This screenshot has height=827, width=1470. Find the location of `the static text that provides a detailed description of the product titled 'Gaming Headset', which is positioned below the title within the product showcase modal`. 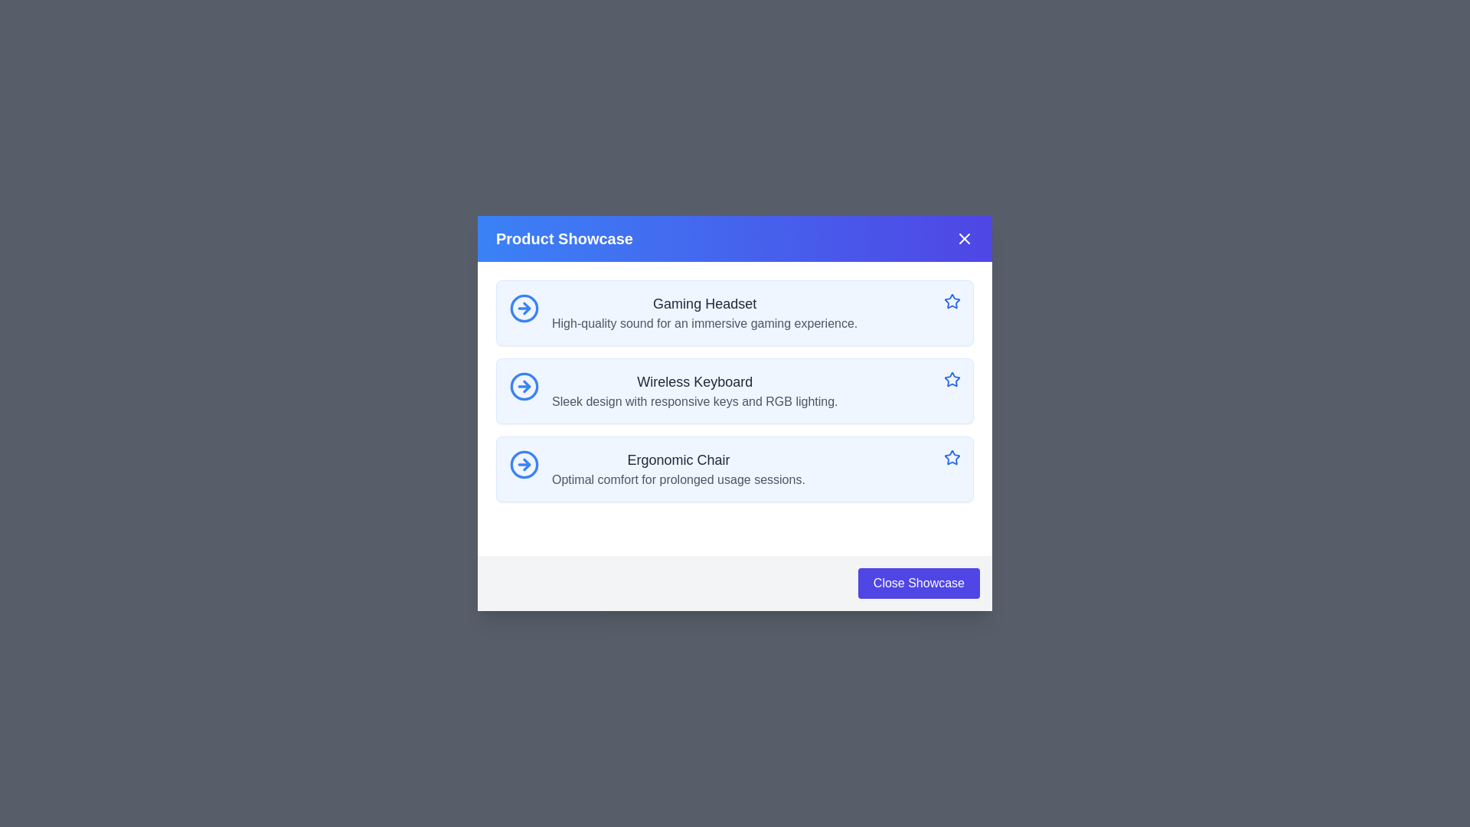

the static text that provides a detailed description of the product titled 'Gaming Headset', which is positioned below the title within the product showcase modal is located at coordinates (704, 323).